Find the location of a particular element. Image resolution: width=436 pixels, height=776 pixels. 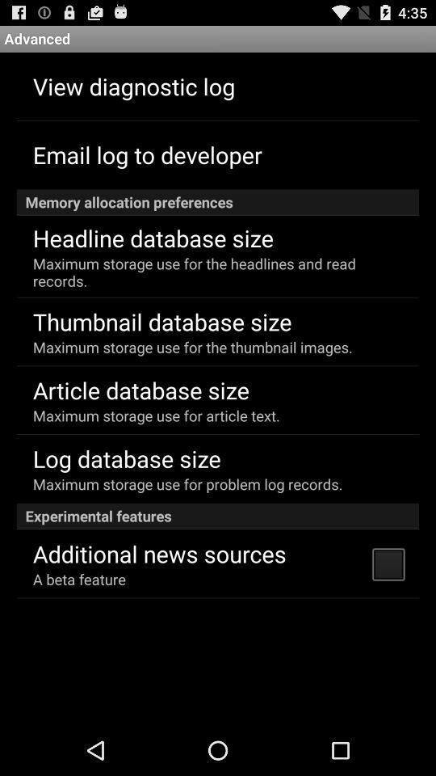

the app below the additional news sources icon is located at coordinates (78, 579).